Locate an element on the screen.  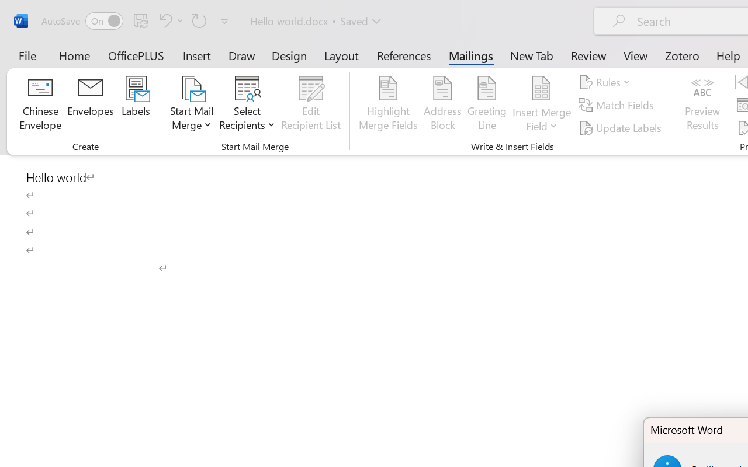
'Draw' is located at coordinates (241, 55).